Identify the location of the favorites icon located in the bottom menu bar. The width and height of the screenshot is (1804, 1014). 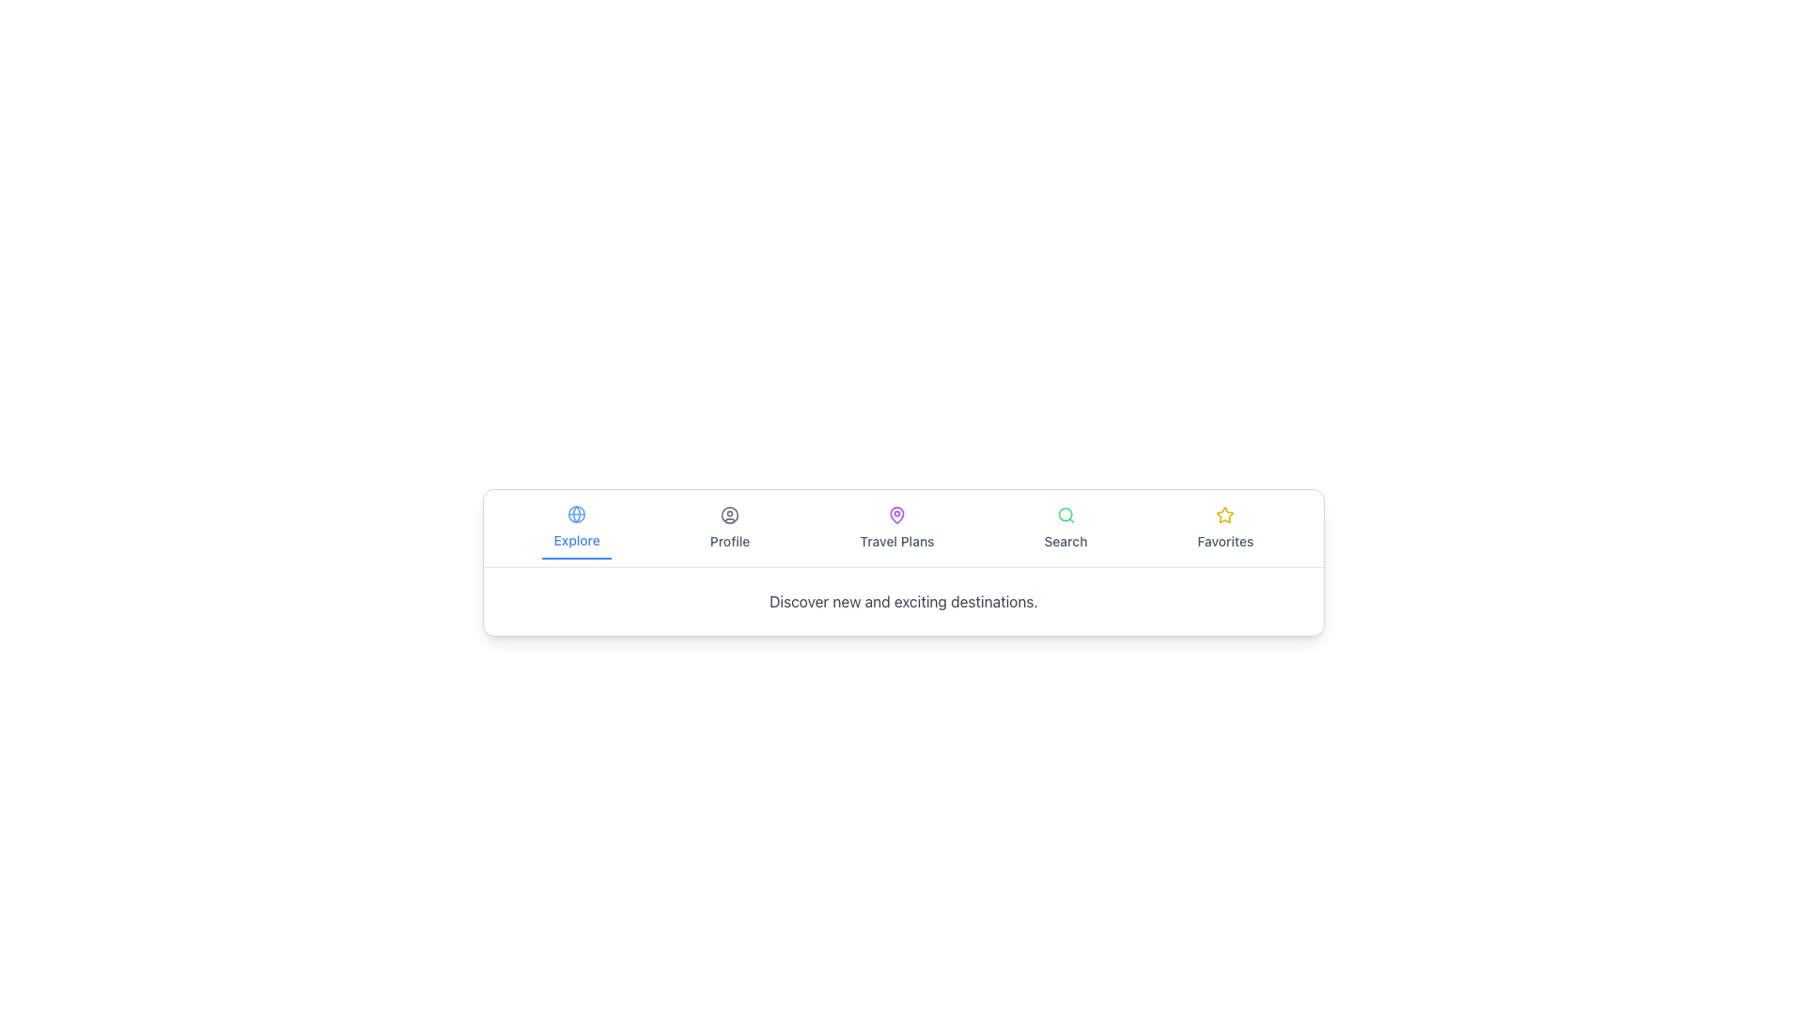
(1225, 515).